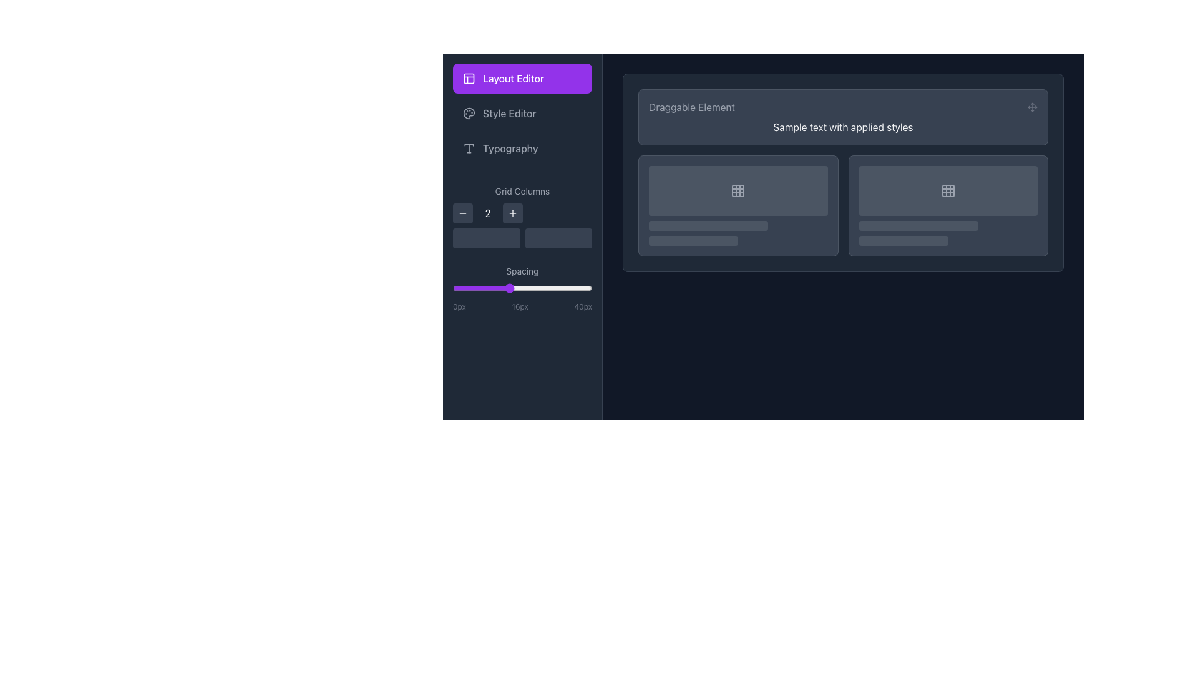  What do you see at coordinates (522, 307) in the screenshot?
I see `the Text label group containing the values '0px', '16px', and '40px', which is located below the 'Spacing' slider component` at bounding box center [522, 307].